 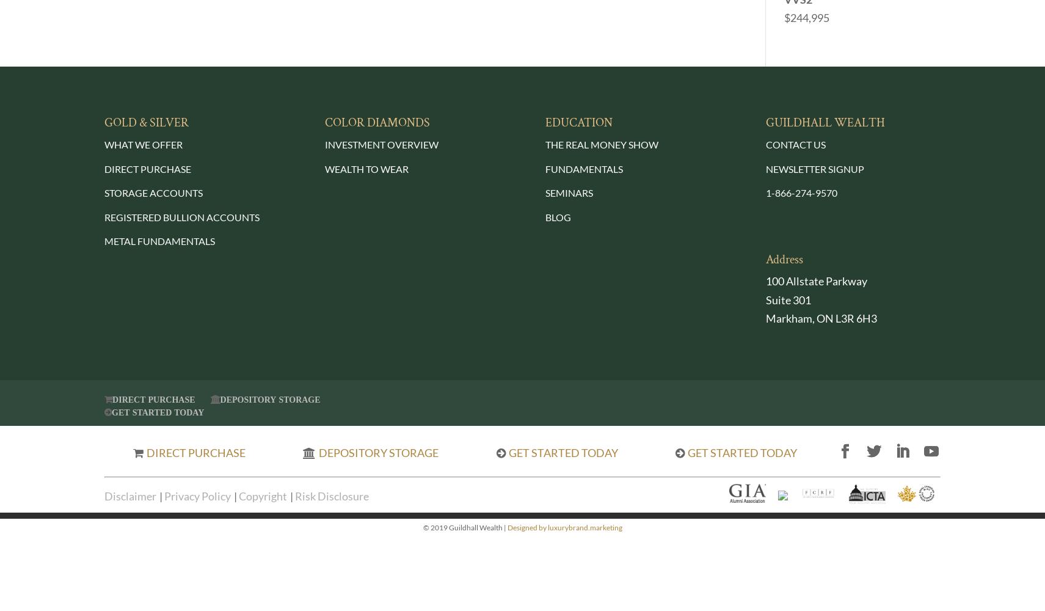 I want to click on 'GUILDHALL WEALTH', so click(x=825, y=122).